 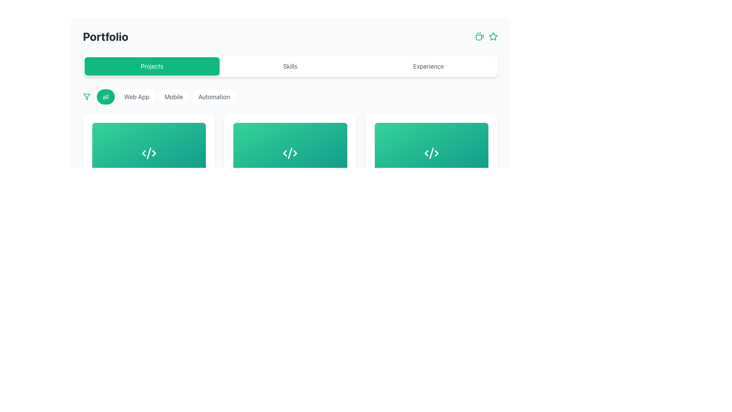 I want to click on the 'Experience' button, which is a rectangular button with gray text and rounded corners, located to the right of the 'Skills' button, so click(x=429, y=66).